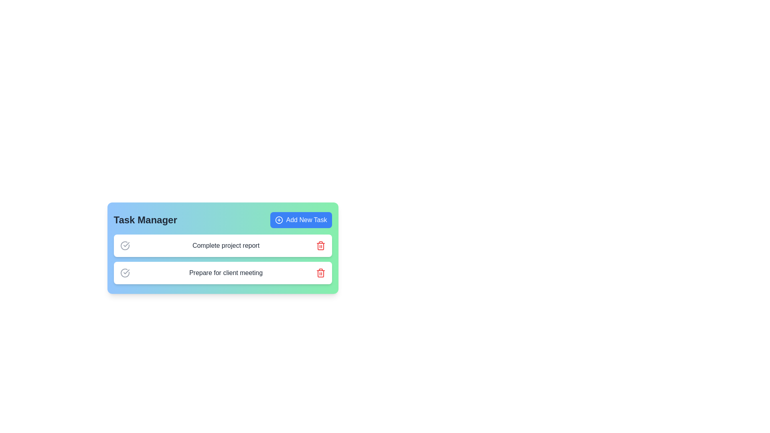 The height and width of the screenshot is (433, 770). I want to click on the circular icon button with a checkmark inside, so click(124, 245).